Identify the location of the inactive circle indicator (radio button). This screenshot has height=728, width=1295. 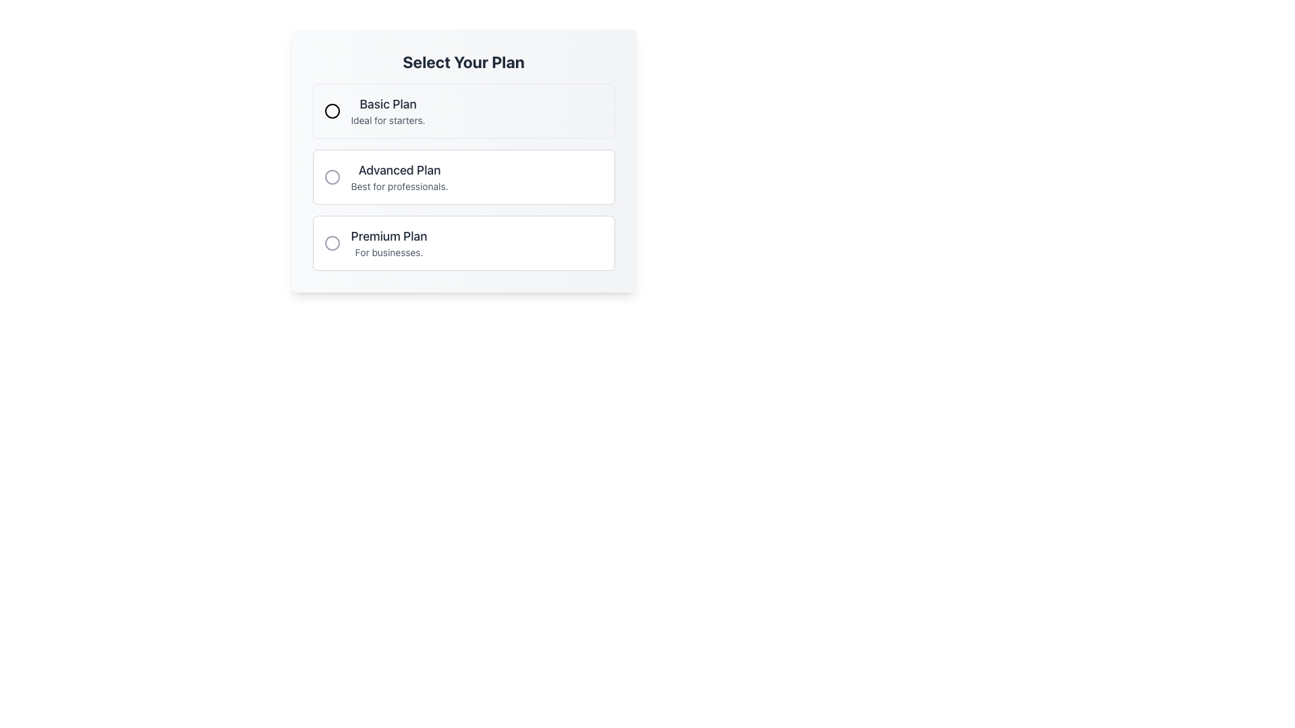
(332, 243).